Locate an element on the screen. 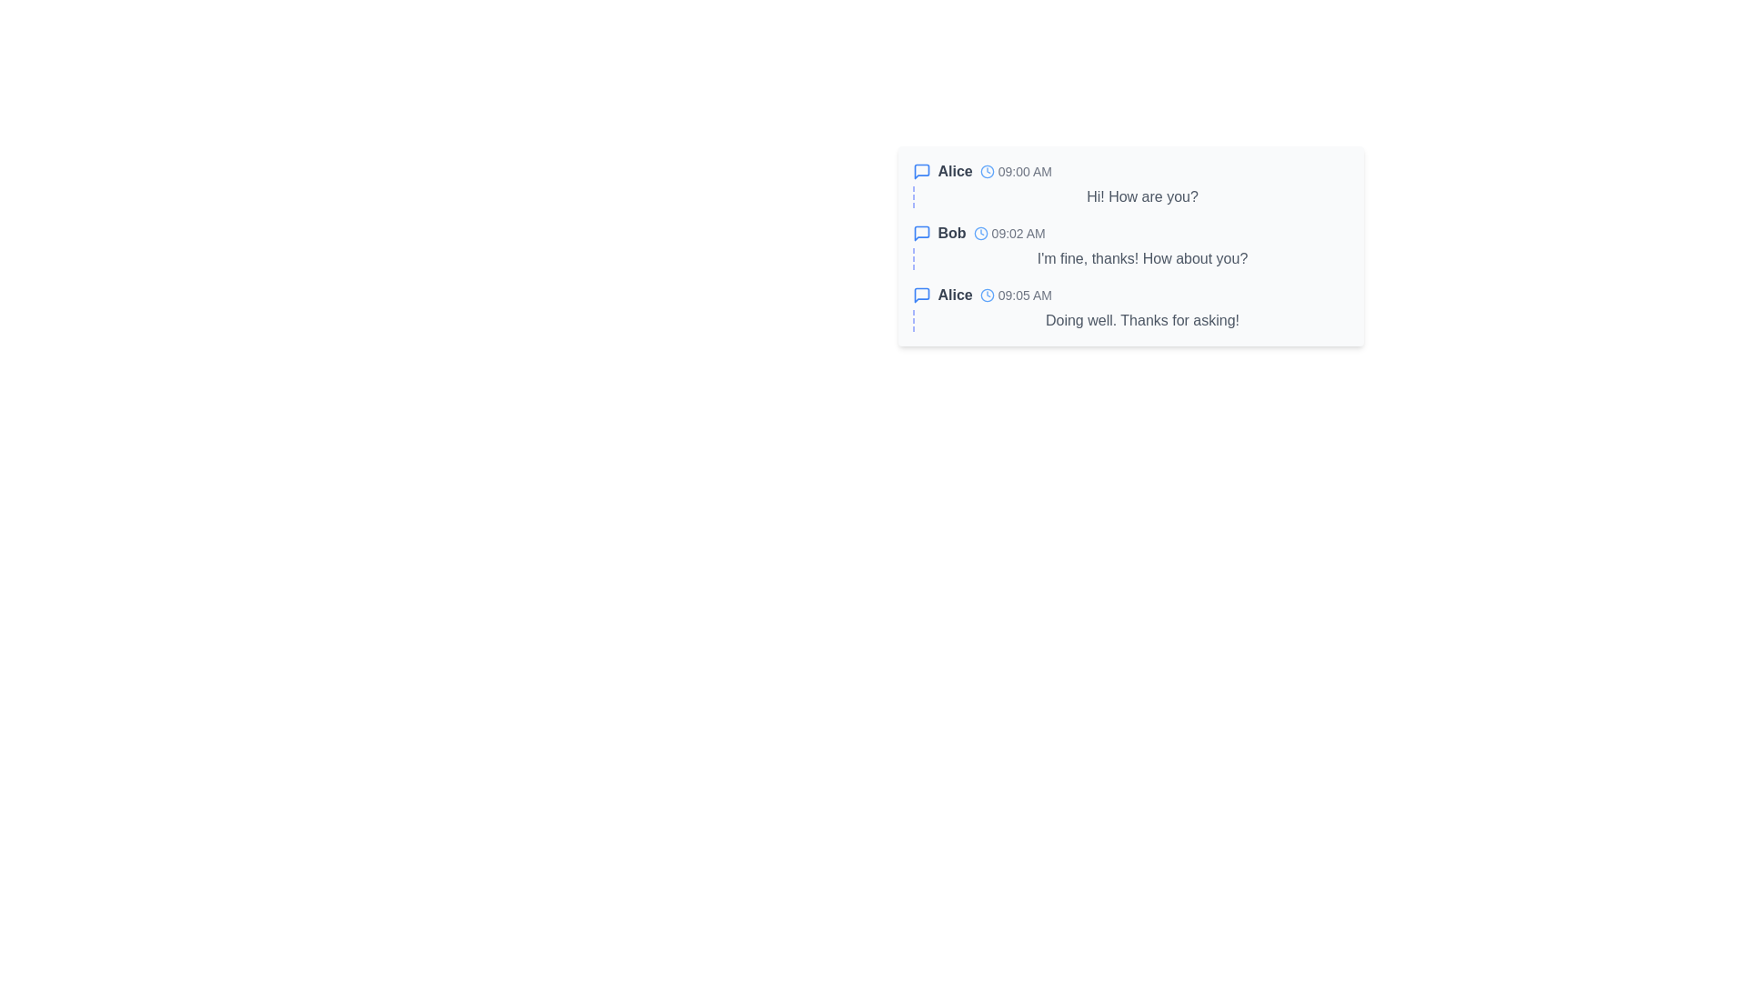 The image size is (1746, 982). the chat message content sent by the user 'Bob' at 09:02 AM is located at coordinates (1129, 259).